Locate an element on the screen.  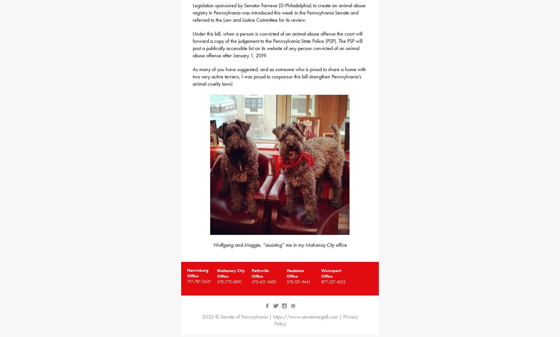
'Hazleton Office' is located at coordinates (295, 273).